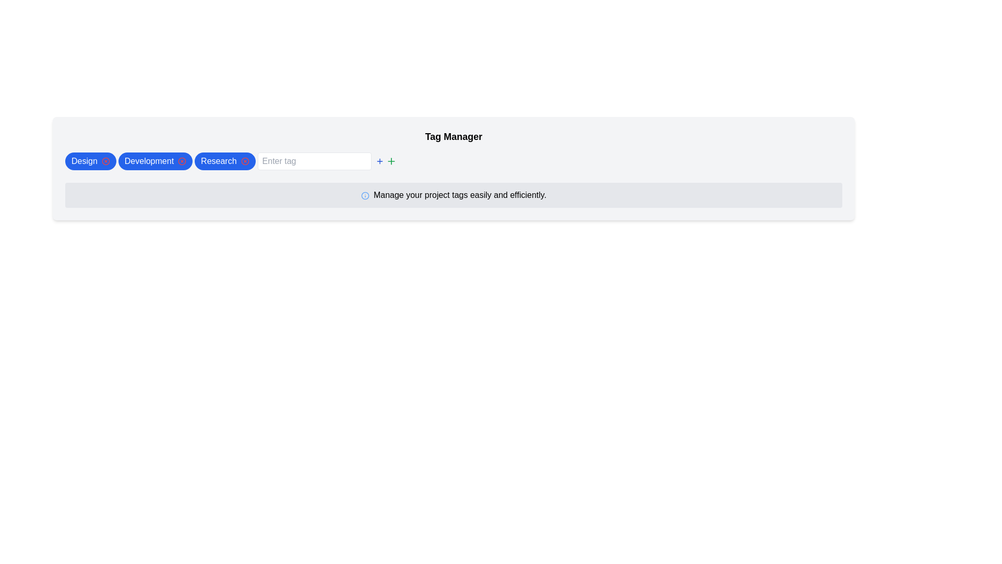 Image resolution: width=1002 pixels, height=564 pixels. Describe the element at coordinates (365, 195) in the screenshot. I see `the central circle of the SVG icon located near the top-center area of the interface, to the left of the main input field, to trigger the tooltip or information display` at that location.